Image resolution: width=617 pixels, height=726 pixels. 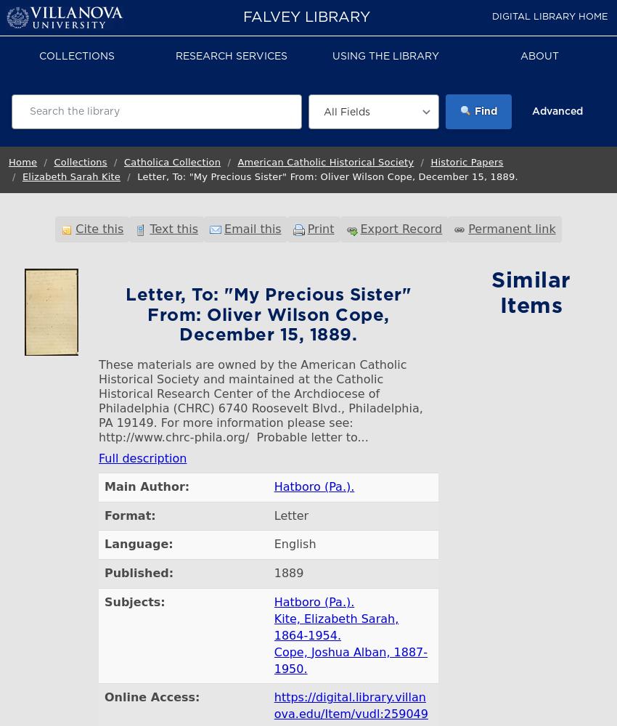 What do you see at coordinates (400, 228) in the screenshot?
I see `'Export Record'` at bounding box center [400, 228].